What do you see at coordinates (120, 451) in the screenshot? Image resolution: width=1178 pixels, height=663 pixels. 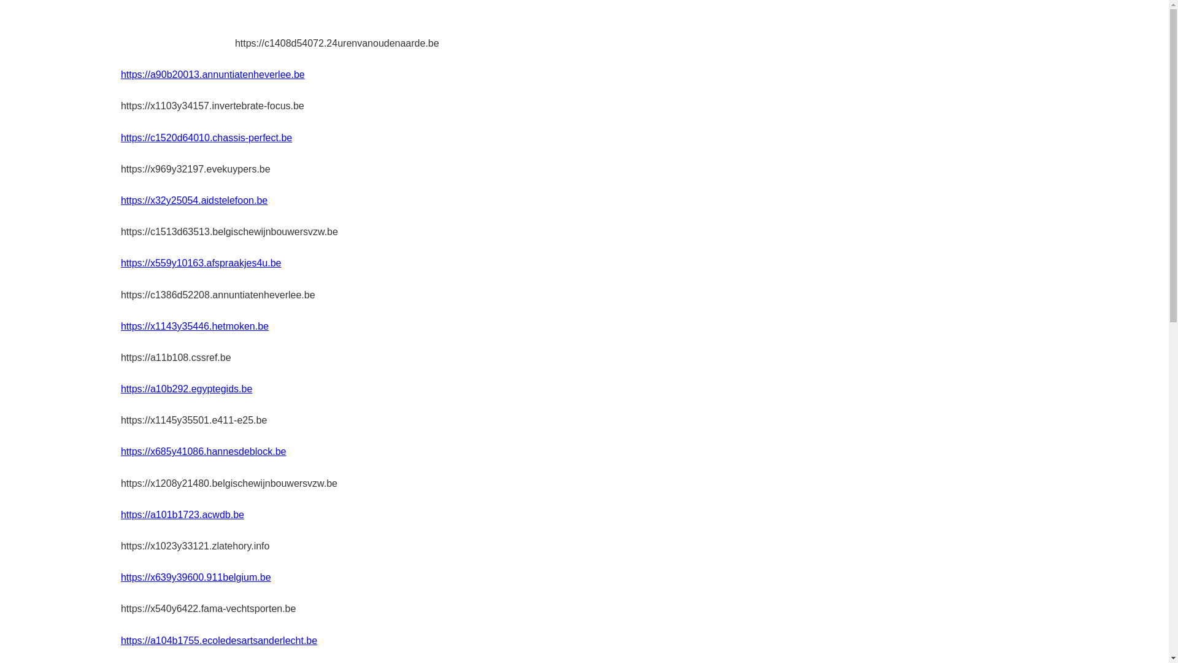 I see `'https://x685y41086.hannesdeblock.be'` at bounding box center [120, 451].